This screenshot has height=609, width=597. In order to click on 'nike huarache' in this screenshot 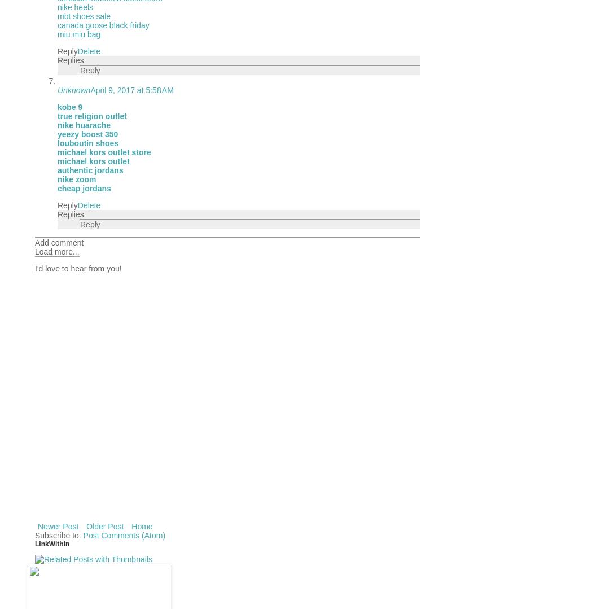, I will do `click(83, 124)`.